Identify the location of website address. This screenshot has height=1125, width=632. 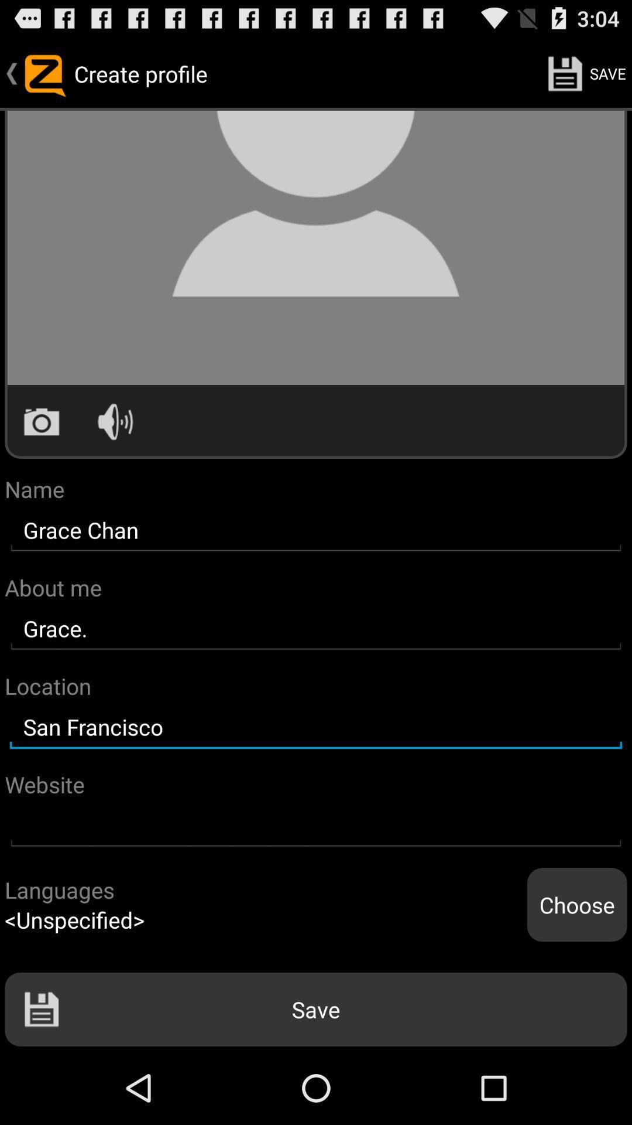
(316, 825).